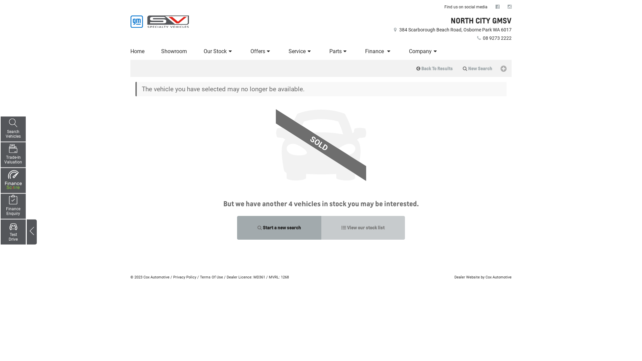  I want to click on 'Trade-In, so click(13, 155).